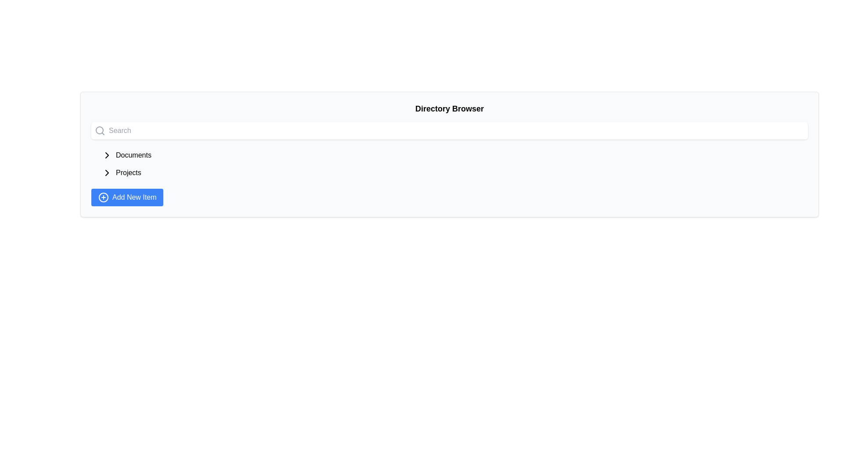 This screenshot has width=843, height=474. What do you see at coordinates (103, 197) in the screenshot?
I see `the decorative circular graphical element positioned inside the 'Add New Item' button` at bounding box center [103, 197].